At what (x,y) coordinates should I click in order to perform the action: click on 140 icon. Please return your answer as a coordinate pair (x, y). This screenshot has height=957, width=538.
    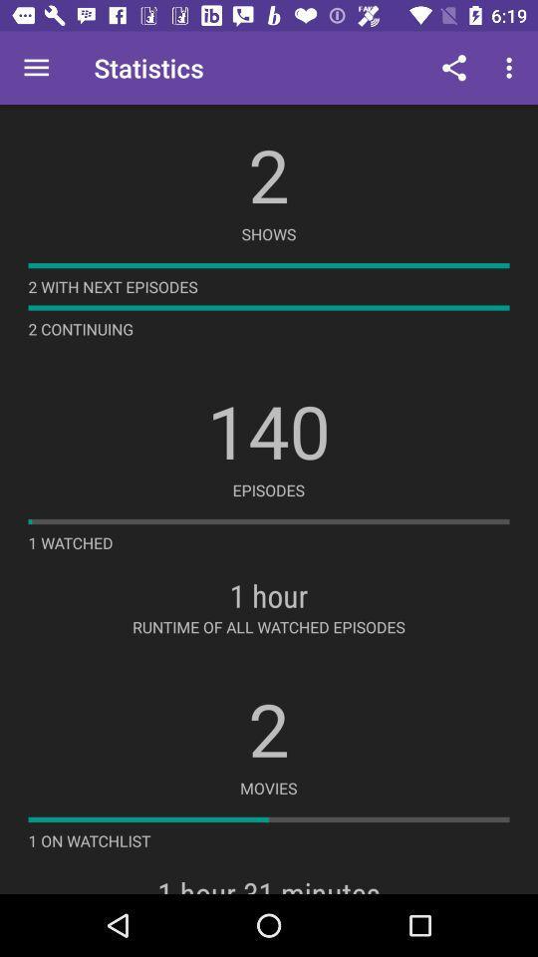
    Looking at the image, I should click on (269, 431).